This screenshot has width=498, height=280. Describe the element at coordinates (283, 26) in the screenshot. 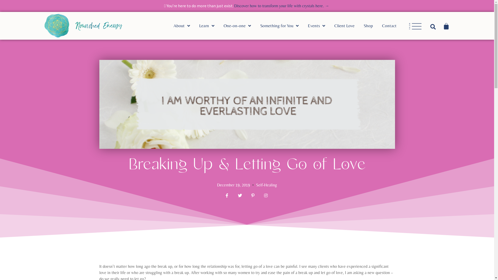

I see `'Something for You'` at that location.